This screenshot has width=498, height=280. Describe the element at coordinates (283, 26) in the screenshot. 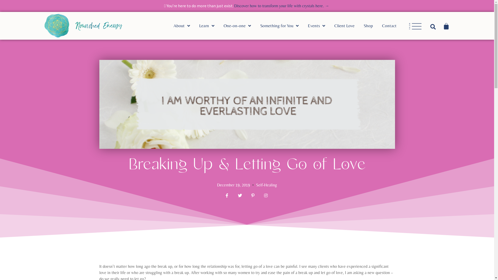

I see `'Something for You'` at that location.